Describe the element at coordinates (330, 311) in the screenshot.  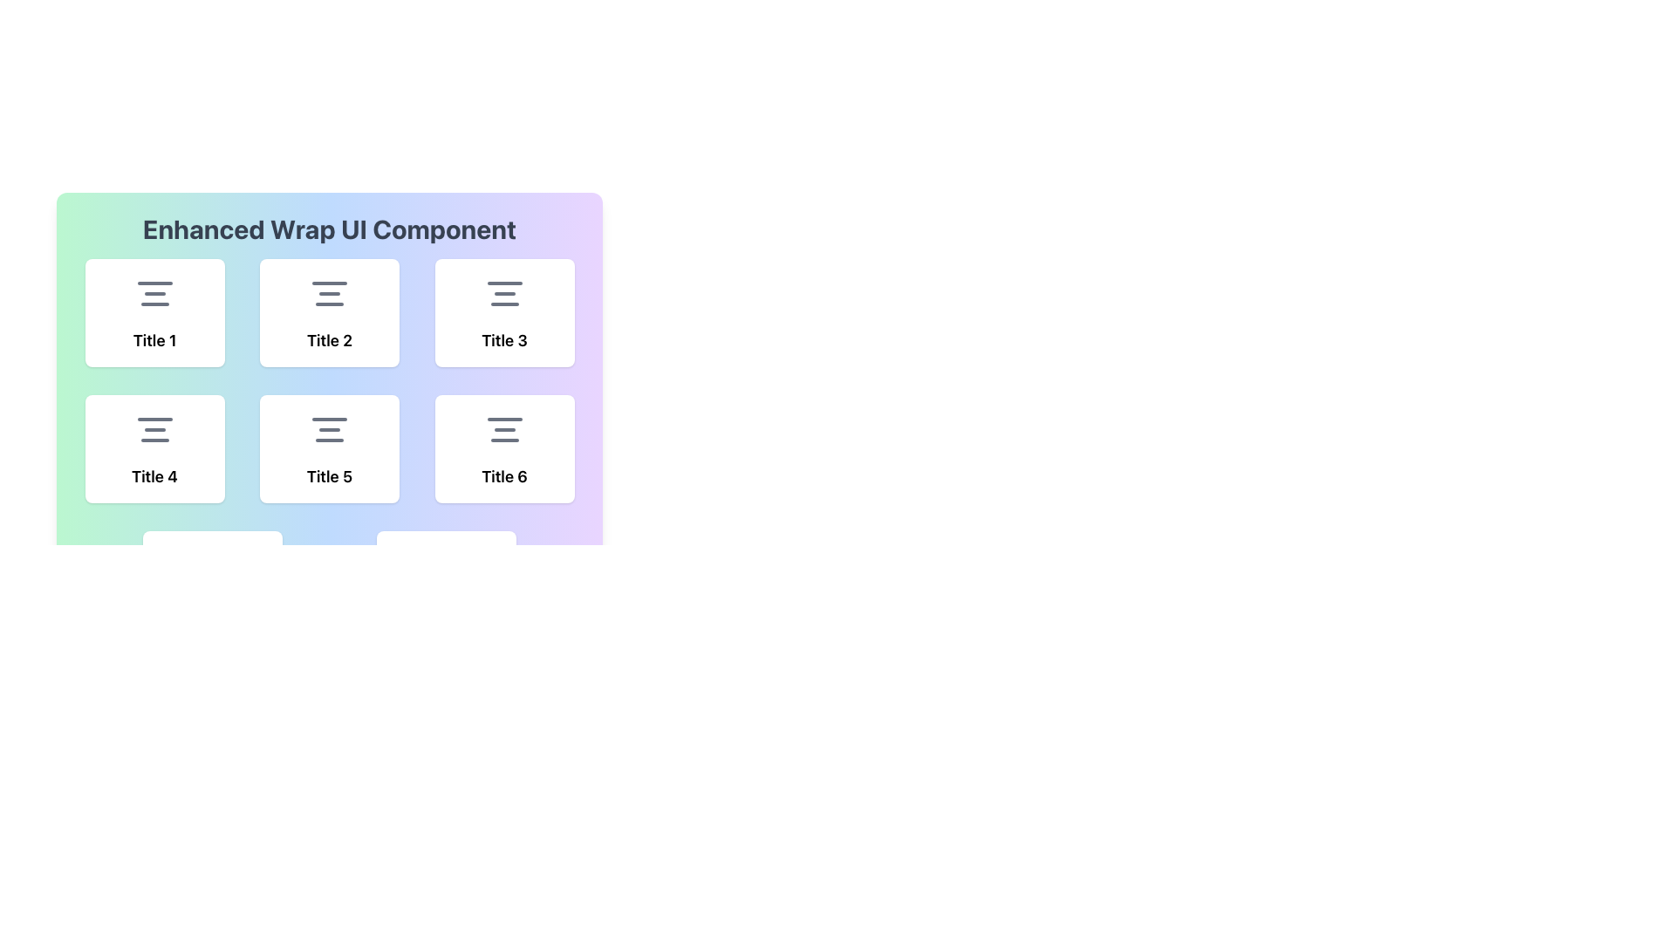
I see `the second card button located` at that location.